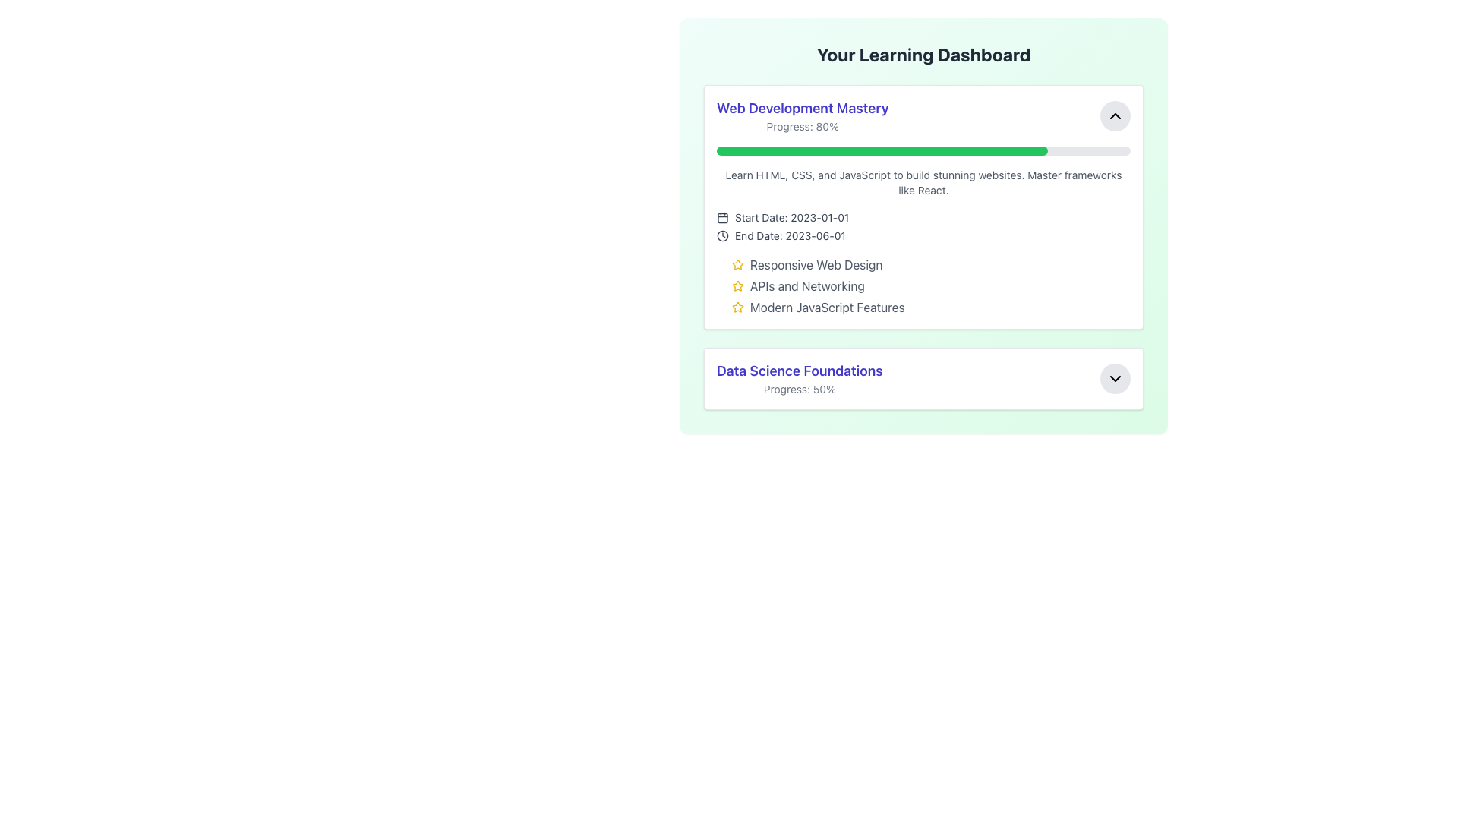 This screenshot has width=1458, height=820. Describe the element at coordinates (1115, 115) in the screenshot. I see `the upward arrow icon button (Chevron Up) located in the top-right corner of the 'Web Development Mastery' card` at that location.